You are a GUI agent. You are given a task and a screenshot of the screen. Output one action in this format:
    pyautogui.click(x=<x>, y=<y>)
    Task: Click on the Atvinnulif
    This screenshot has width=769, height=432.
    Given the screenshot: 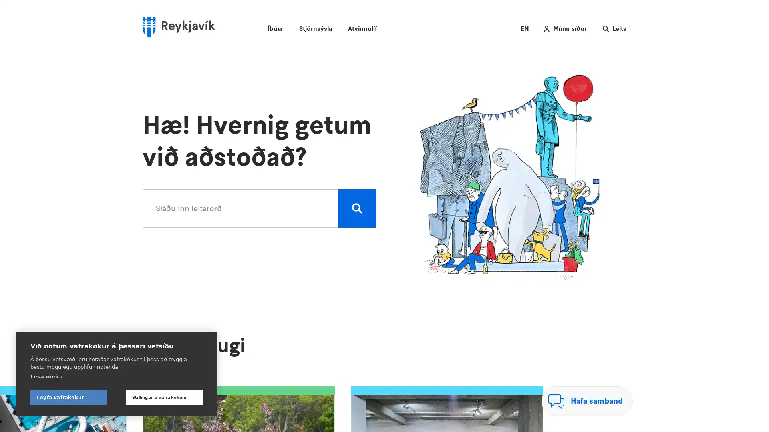 What is the action you would take?
    pyautogui.click(x=362, y=27)
    